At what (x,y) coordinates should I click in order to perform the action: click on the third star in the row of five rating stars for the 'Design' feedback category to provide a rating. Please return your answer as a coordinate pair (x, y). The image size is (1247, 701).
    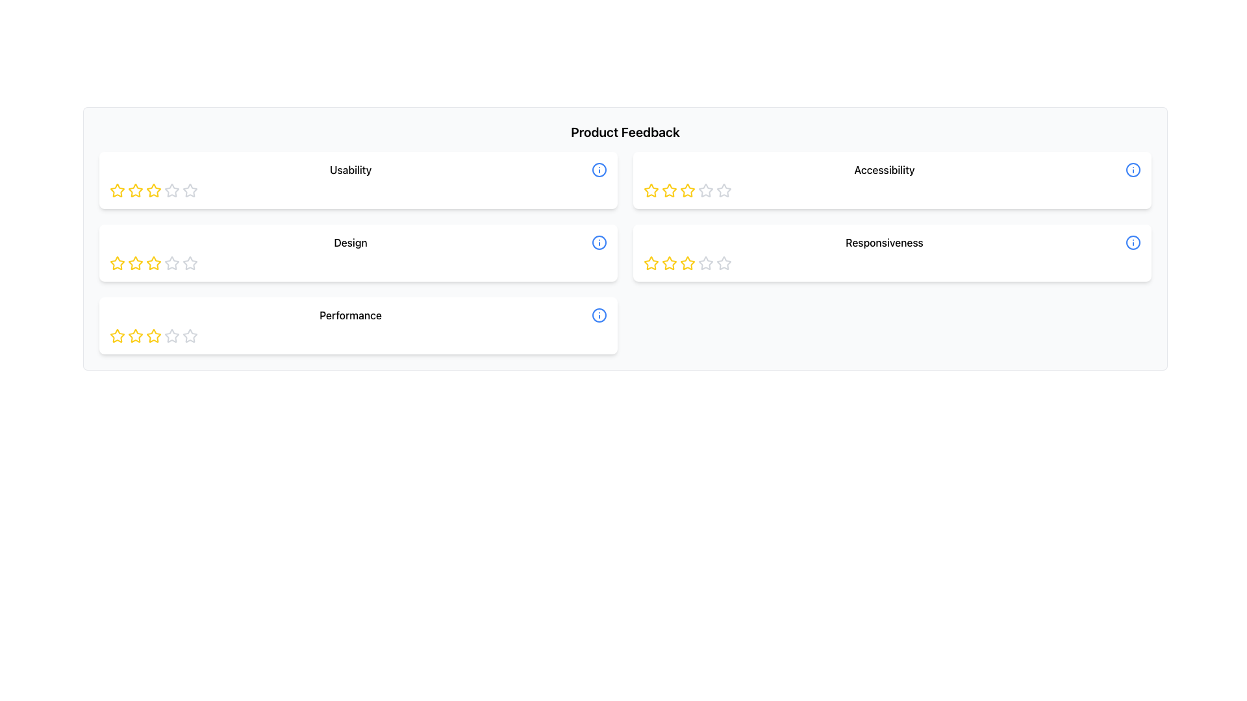
    Looking at the image, I should click on (171, 263).